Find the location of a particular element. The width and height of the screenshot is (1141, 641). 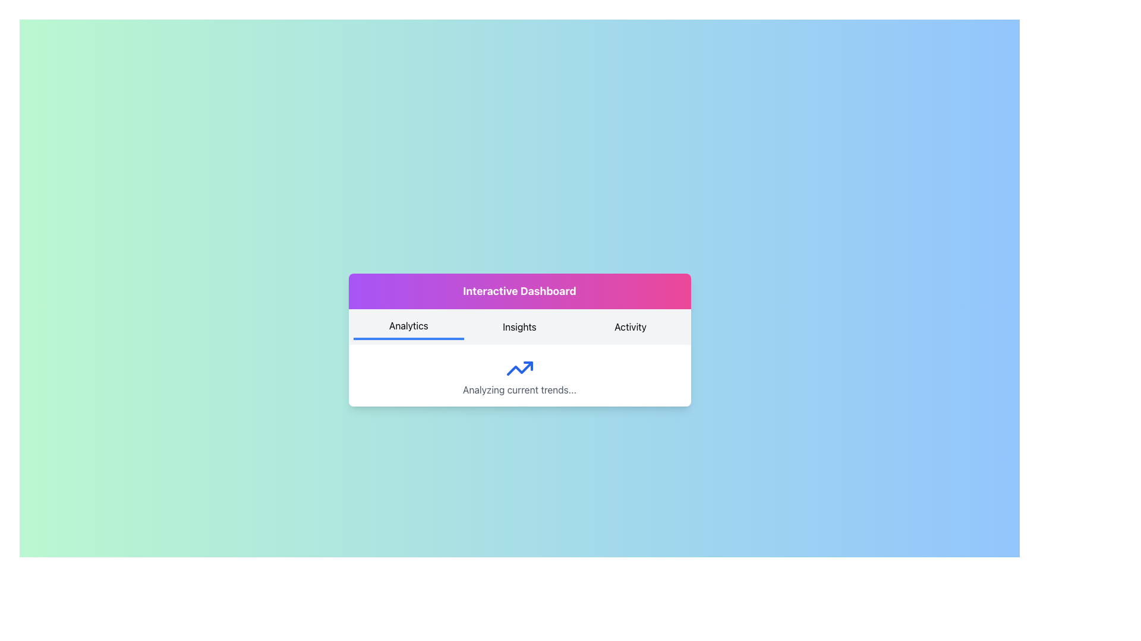

the bold, white text reading 'Interactive Dashboard' located in the header bar of the card-like component is located at coordinates (519, 291).